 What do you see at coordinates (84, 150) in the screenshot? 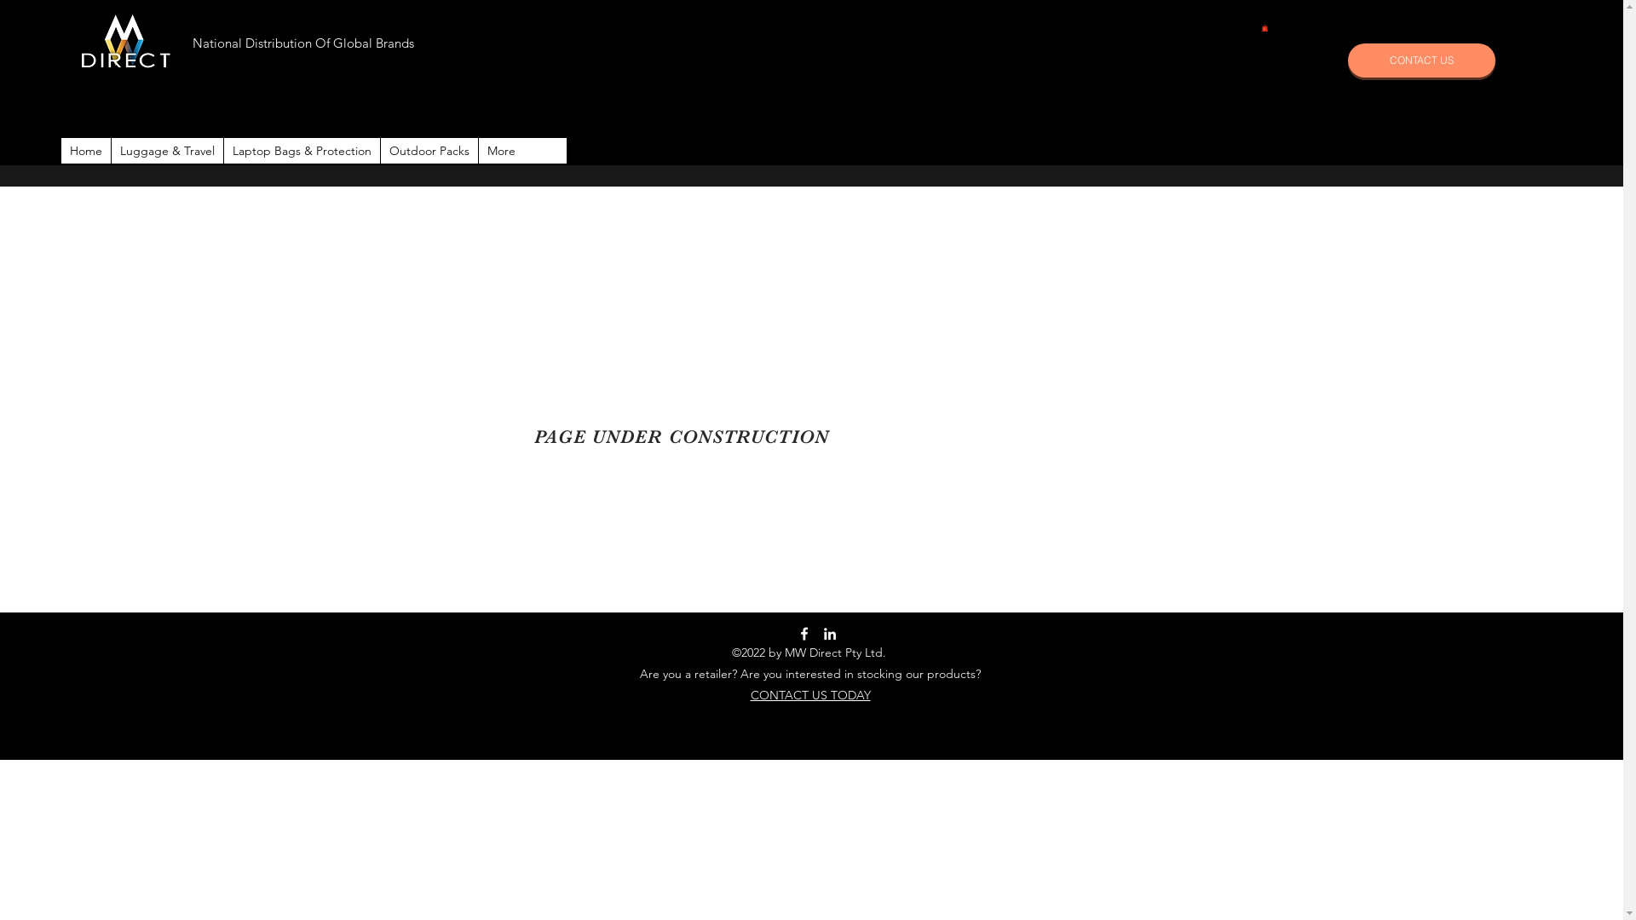
I see `'Home'` at bounding box center [84, 150].